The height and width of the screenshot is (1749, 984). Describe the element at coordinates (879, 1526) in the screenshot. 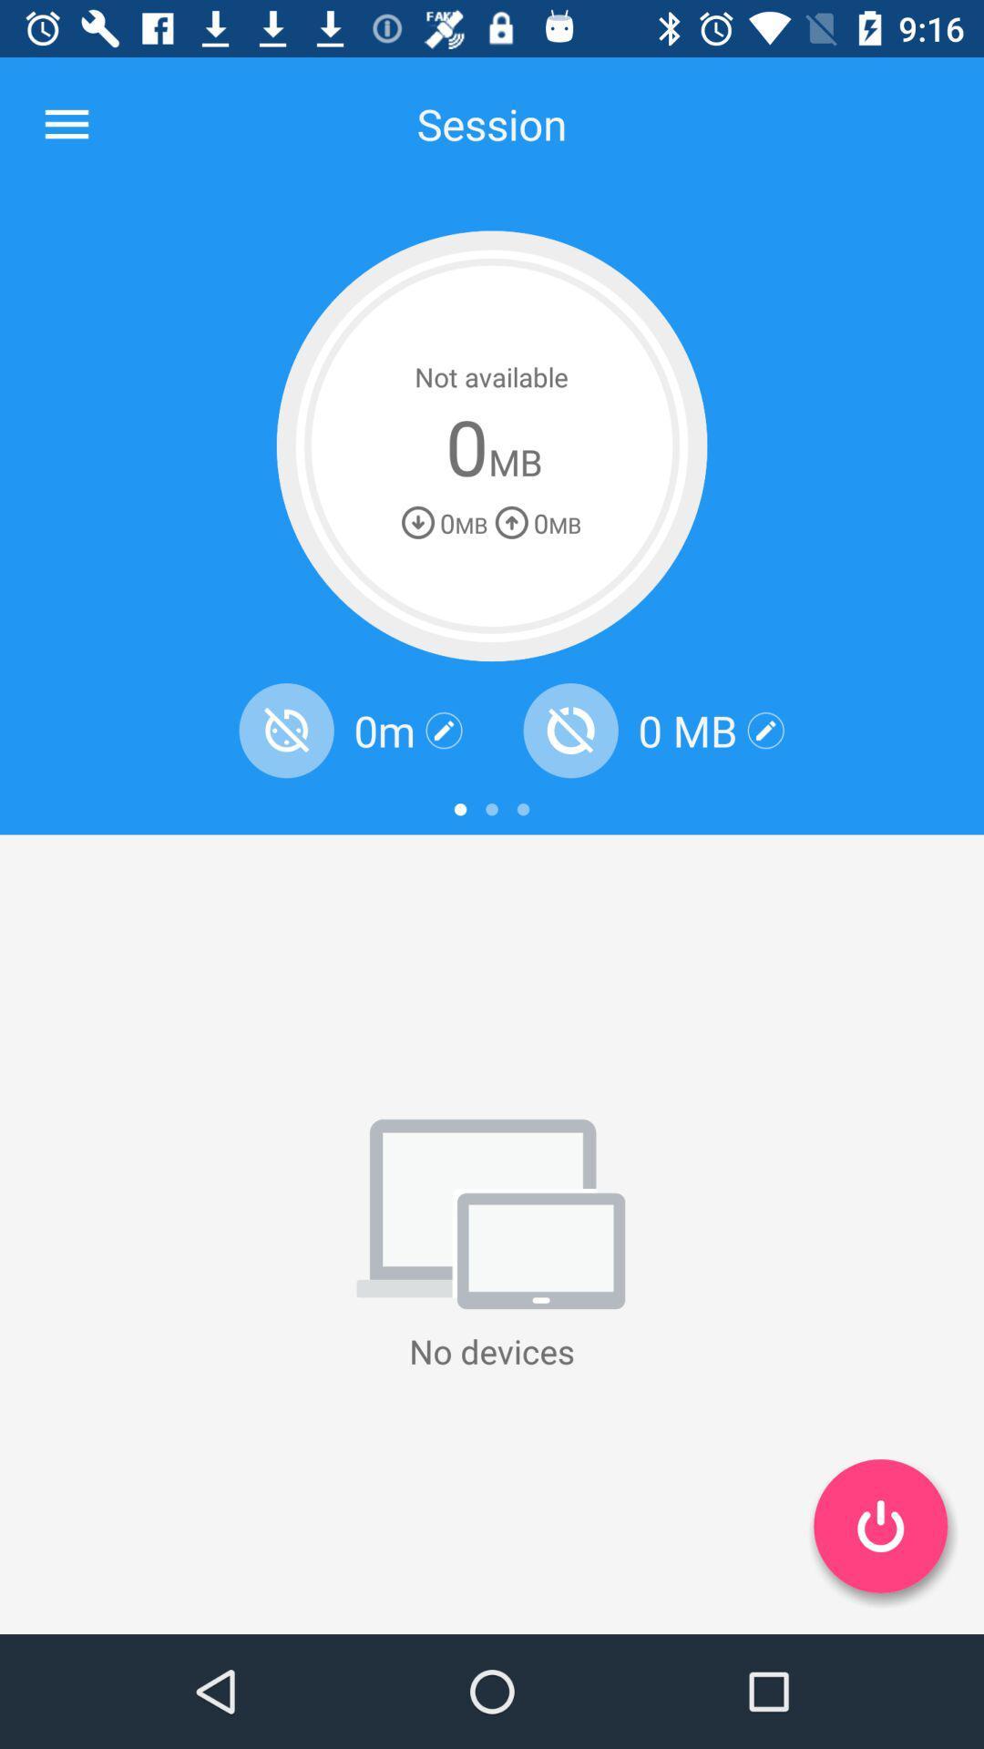

I see `the icon below no devices item` at that location.